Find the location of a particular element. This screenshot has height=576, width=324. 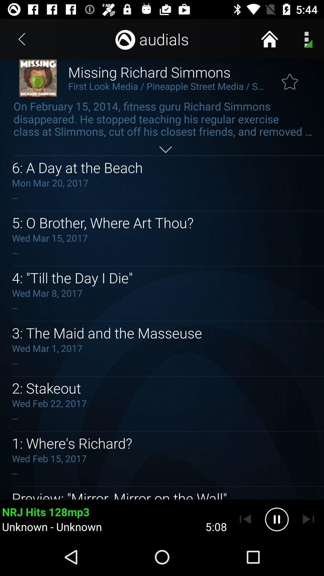

pause music is located at coordinates (277, 519).